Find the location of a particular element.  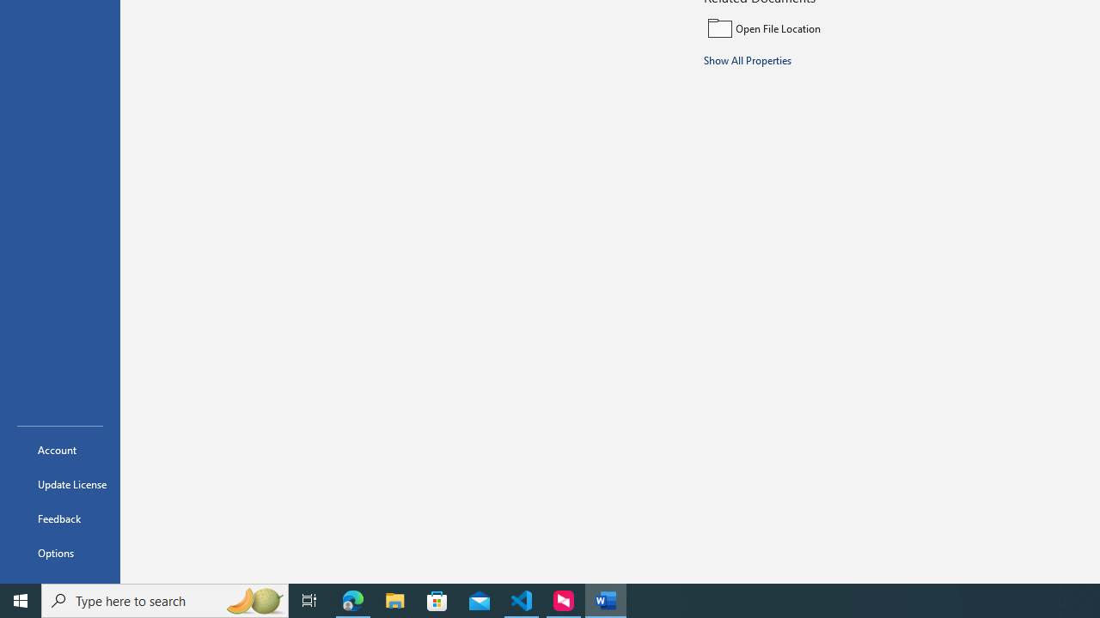

'Options' is located at coordinates (59, 553).